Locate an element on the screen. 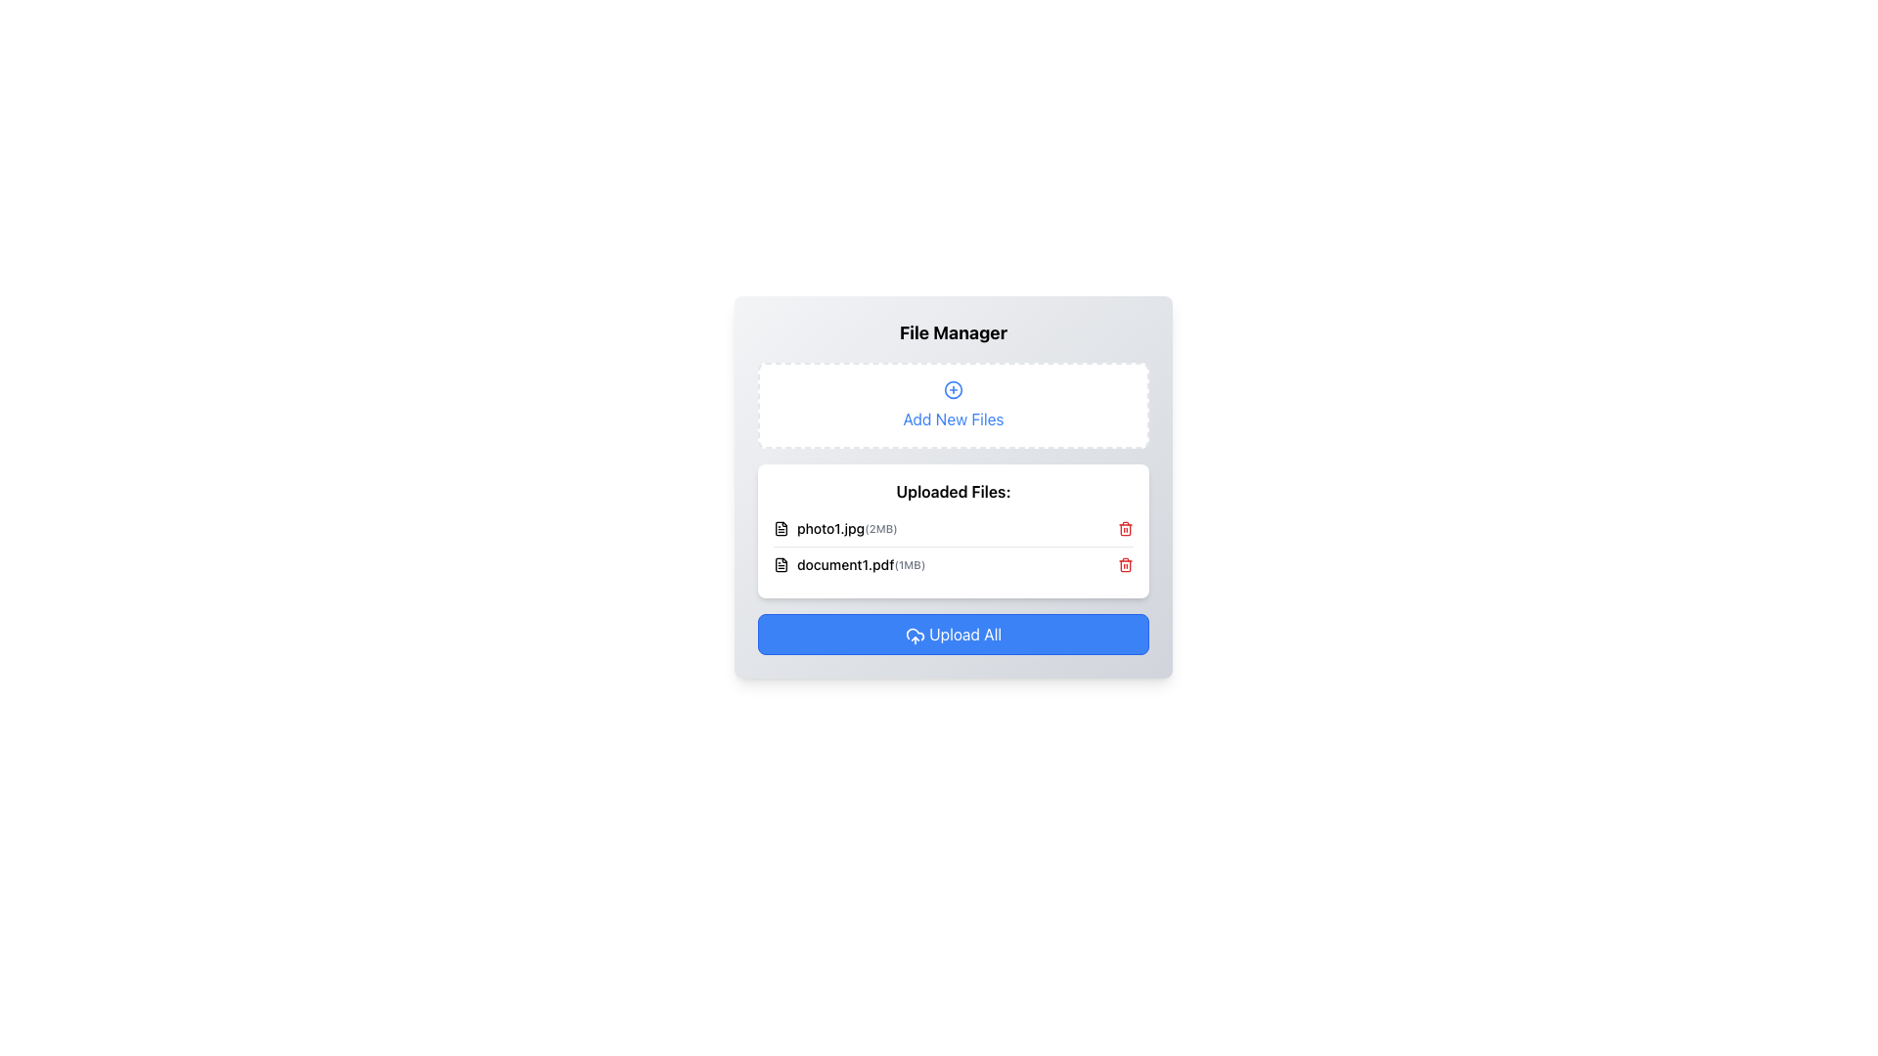 The width and height of the screenshot is (1878, 1056). the static text label displaying '(1MB)' located to the right of 'document1.pdf' in the 'Uploaded Files' list in the File Manager interface is located at coordinates (909, 565).